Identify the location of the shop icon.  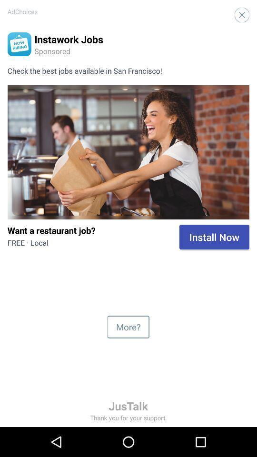
(19, 44).